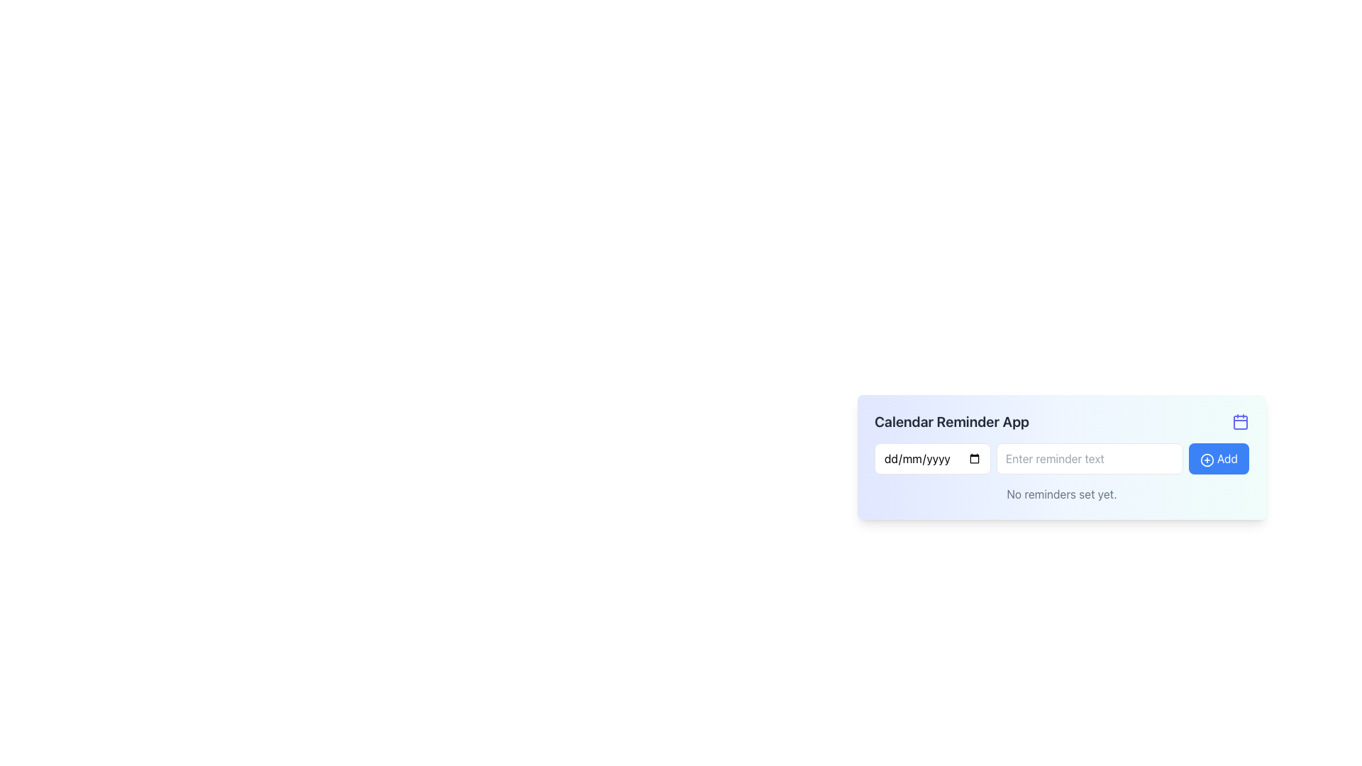  Describe the element at coordinates (1218, 459) in the screenshot. I see `the blue rounded button labeled 'Add' with a plus icon` at that location.